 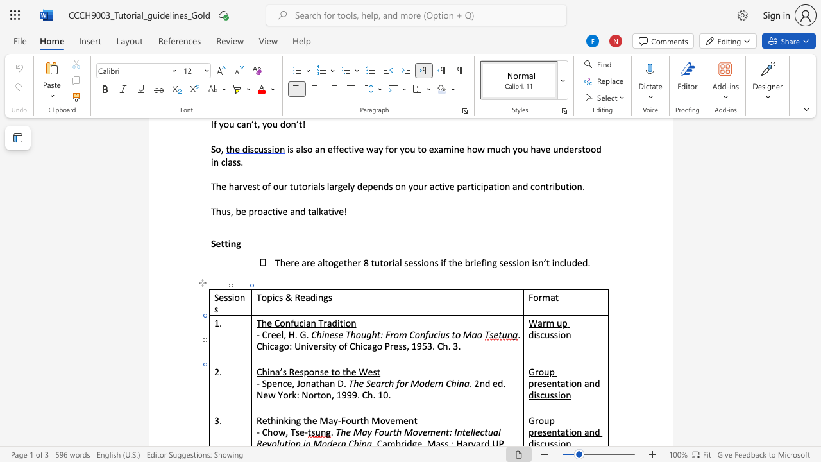 What do you see at coordinates (264, 334) in the screenshot?
I see `the 1th character "C" in the text` at bounding box center [264, 334].